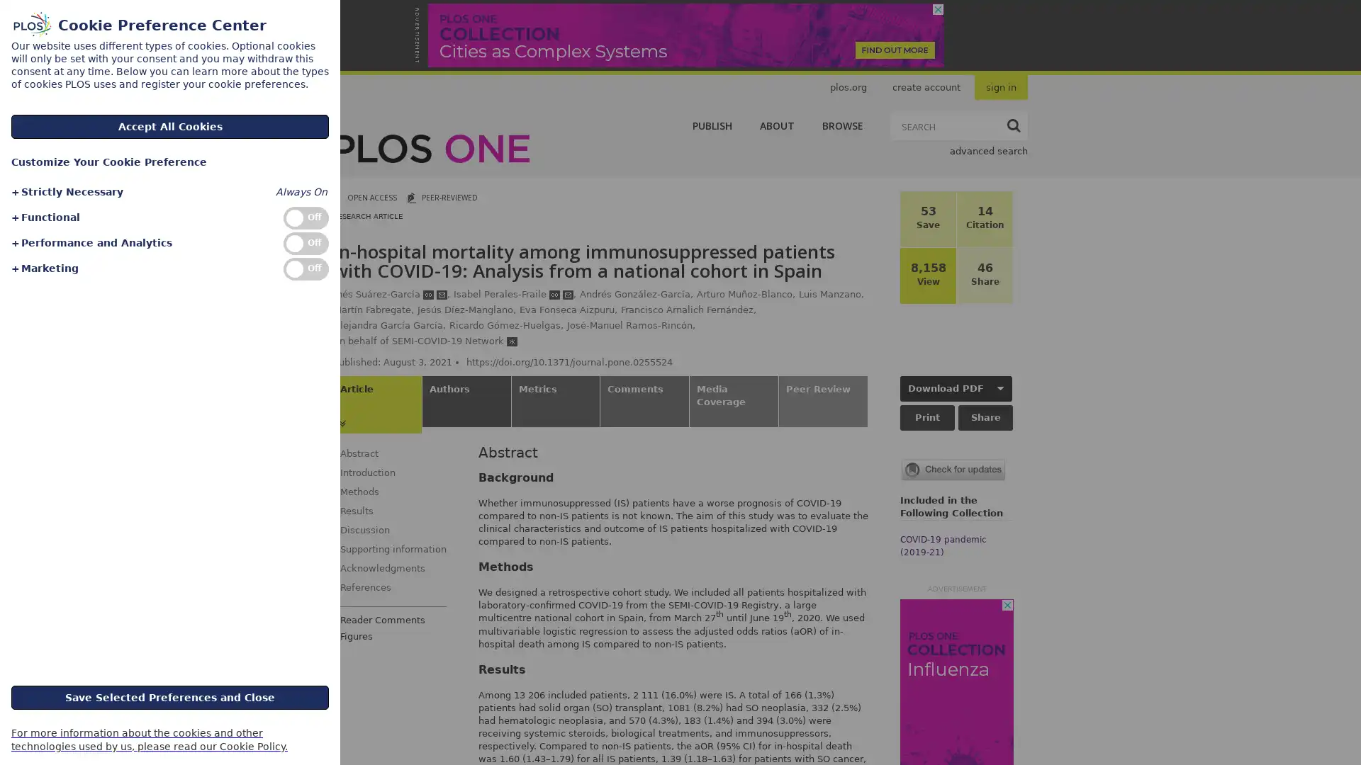 The height and width of the screenshot is (765, 1361). I want to click on Toggle explanation of Strictly Necessary Cookies., so click(66, 192).